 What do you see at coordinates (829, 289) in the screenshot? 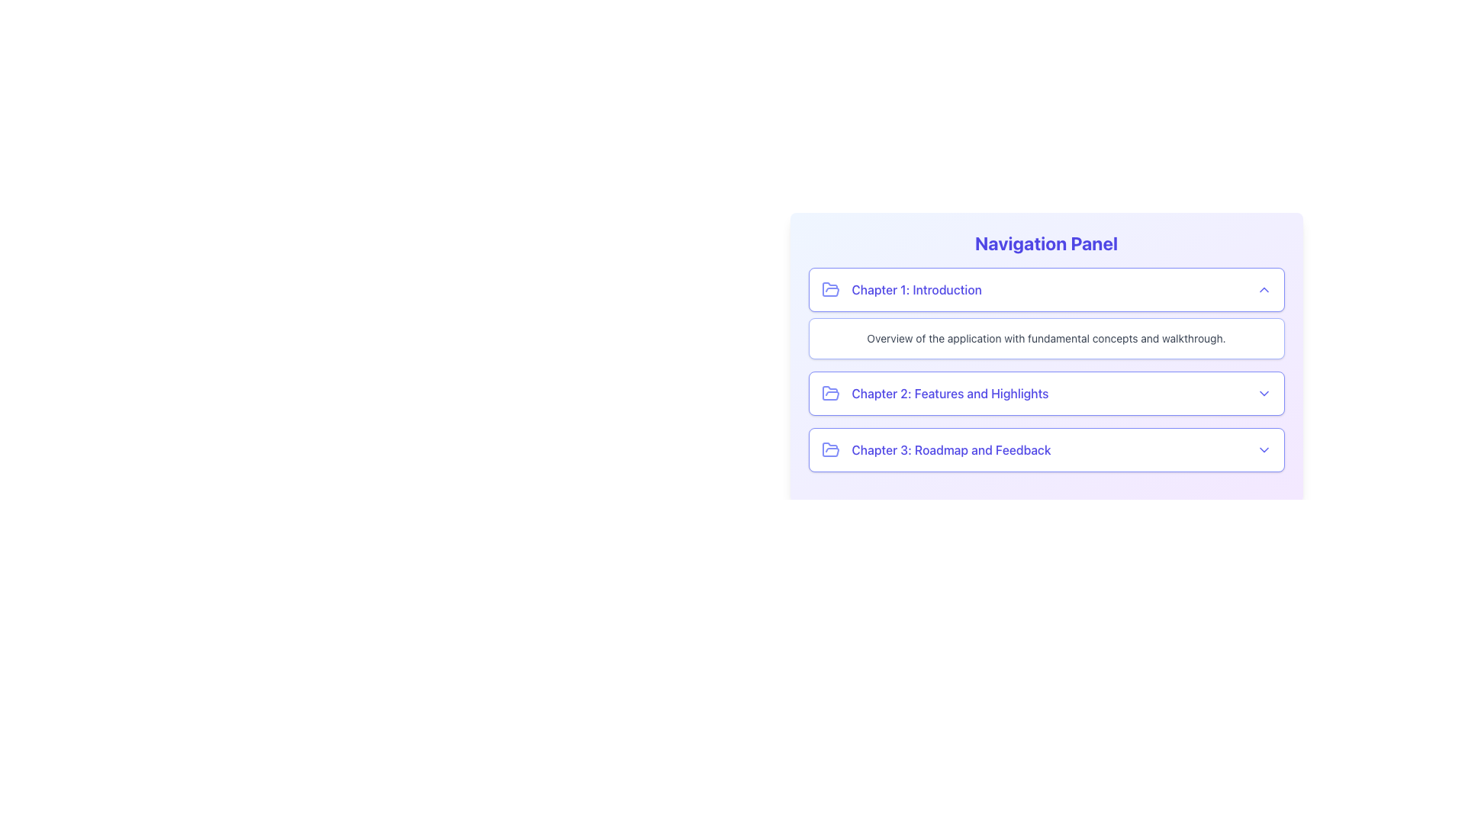
I see `the visual appearance of the directory or folder icon located within the first navigation item 'Chapter 1: Introduction' in the 'Navigation Panel'` at bounding box center [829, 289].